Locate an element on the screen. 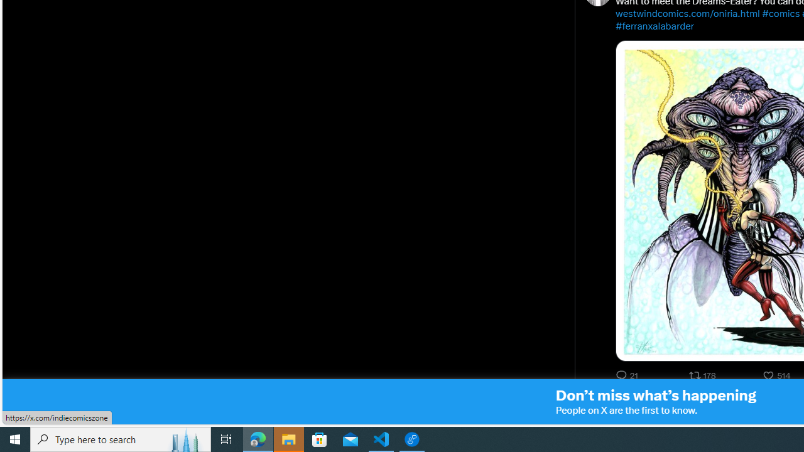 The width and height of the screenshot is (804, 452). '21 Replies. Reply' is located at coordinates (628, 375).